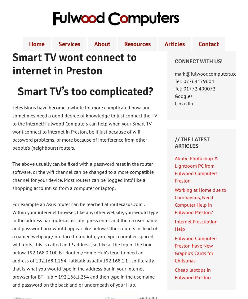 This screenshot has height=299, width=248. Describe the element at coordinates (196, 249) in the screenshot. I see `'Fulwood Computers Preston have New Graphics Cards for Christmas'` at that location.